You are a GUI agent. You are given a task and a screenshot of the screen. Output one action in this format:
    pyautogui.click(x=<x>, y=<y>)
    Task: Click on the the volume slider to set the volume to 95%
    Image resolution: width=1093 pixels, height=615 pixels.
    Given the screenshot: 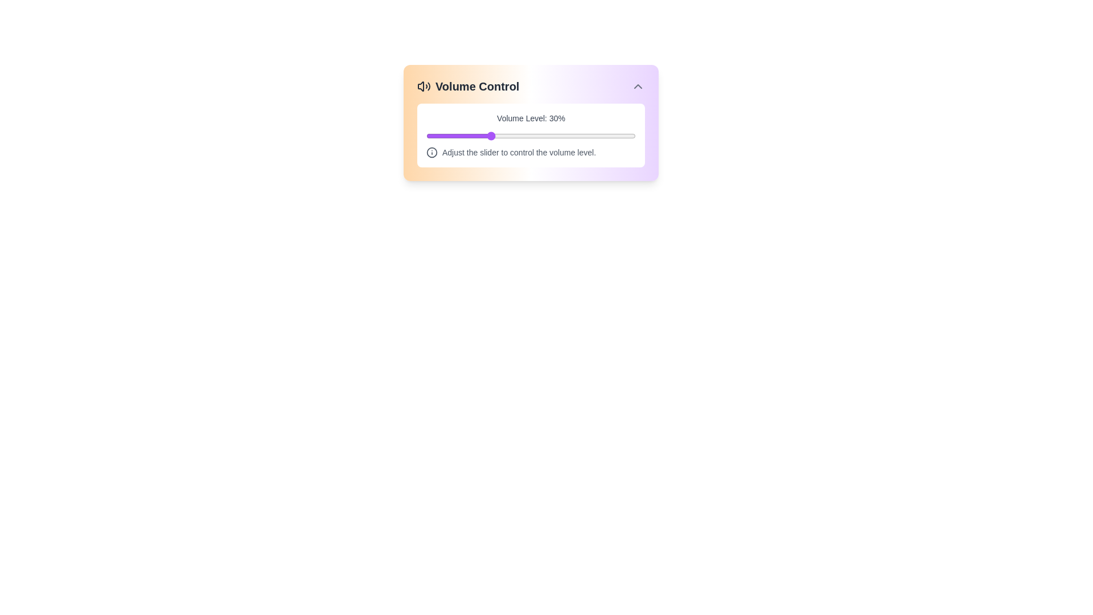 What is the action you would take?
    pyautogui.click(x=624, y=136)
    